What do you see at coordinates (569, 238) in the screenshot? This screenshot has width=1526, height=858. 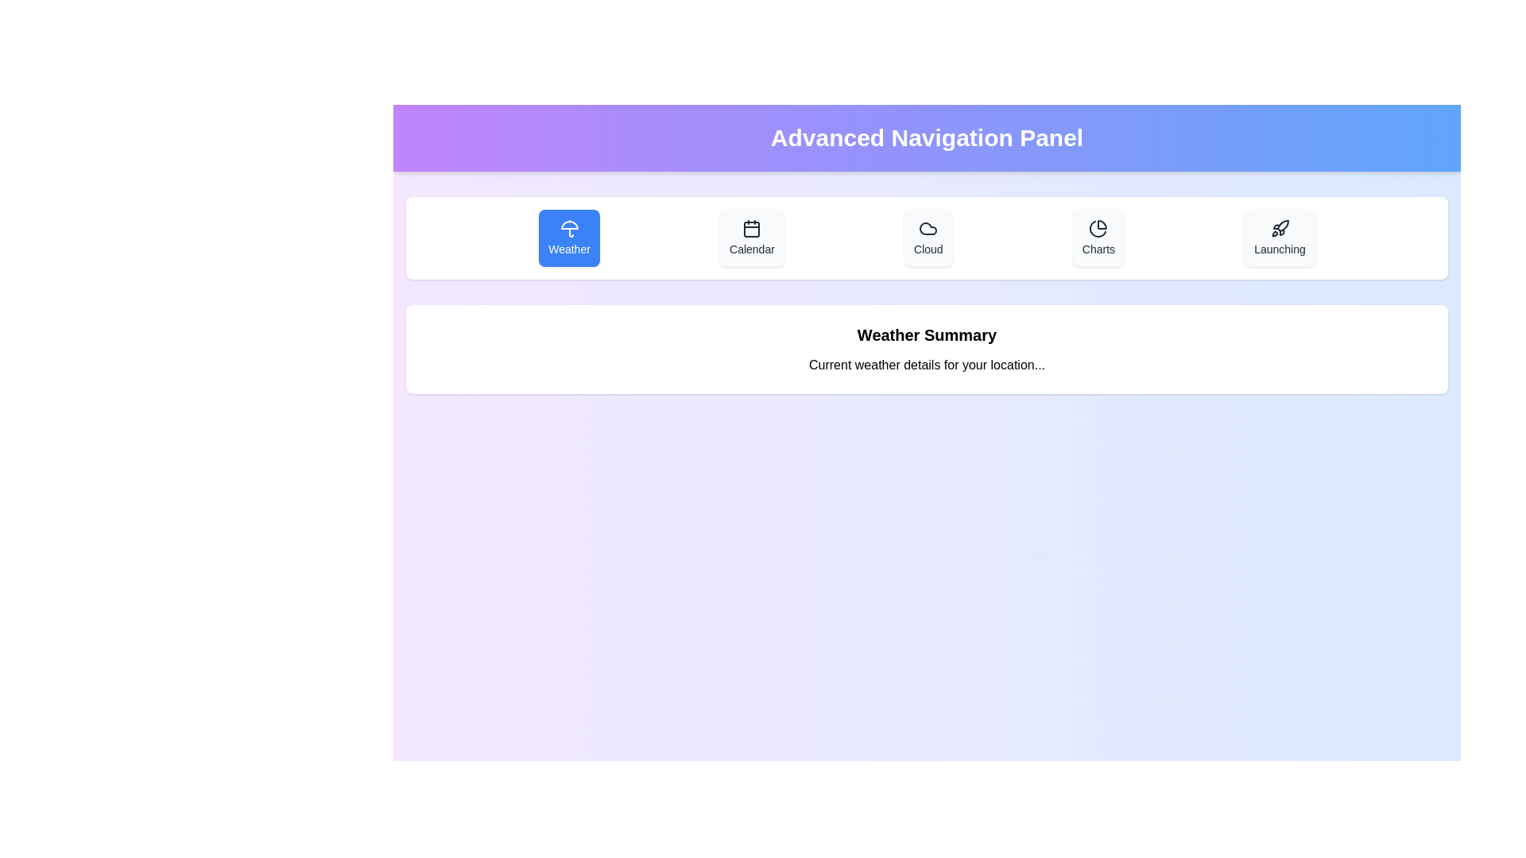 I see `the weather navigation button, which is the first button from the left in a group of buttons including 'Calendar,' 'Cloud,' 'Charts,' and 'Launching.'` at bounding box center [569, 238].